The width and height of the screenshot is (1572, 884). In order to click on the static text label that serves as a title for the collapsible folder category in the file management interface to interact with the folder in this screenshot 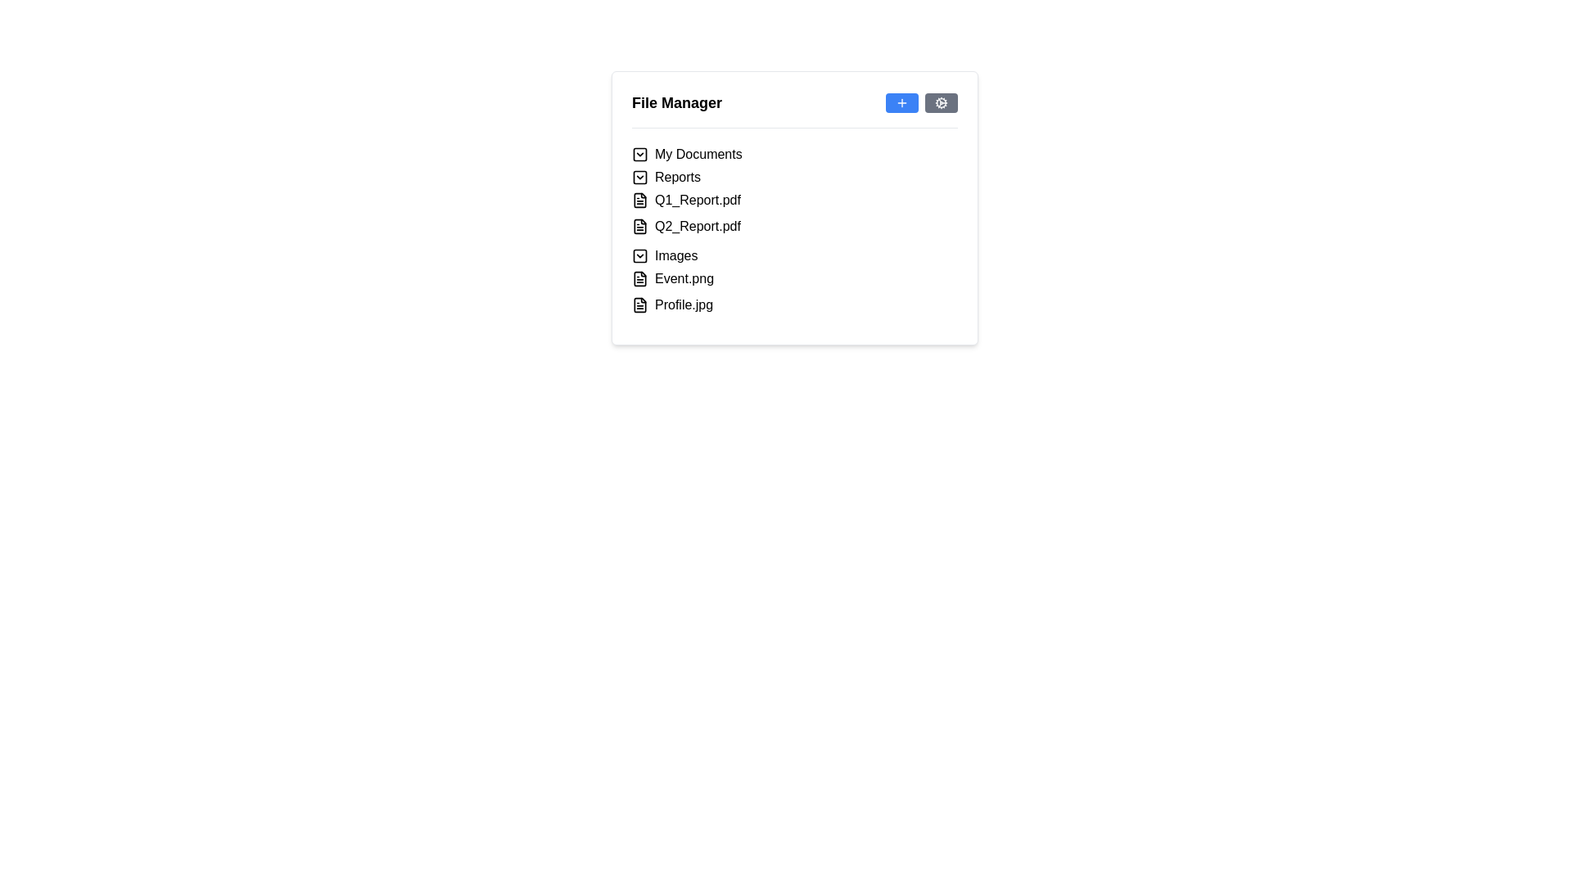, I will do `click(698, 155)`.